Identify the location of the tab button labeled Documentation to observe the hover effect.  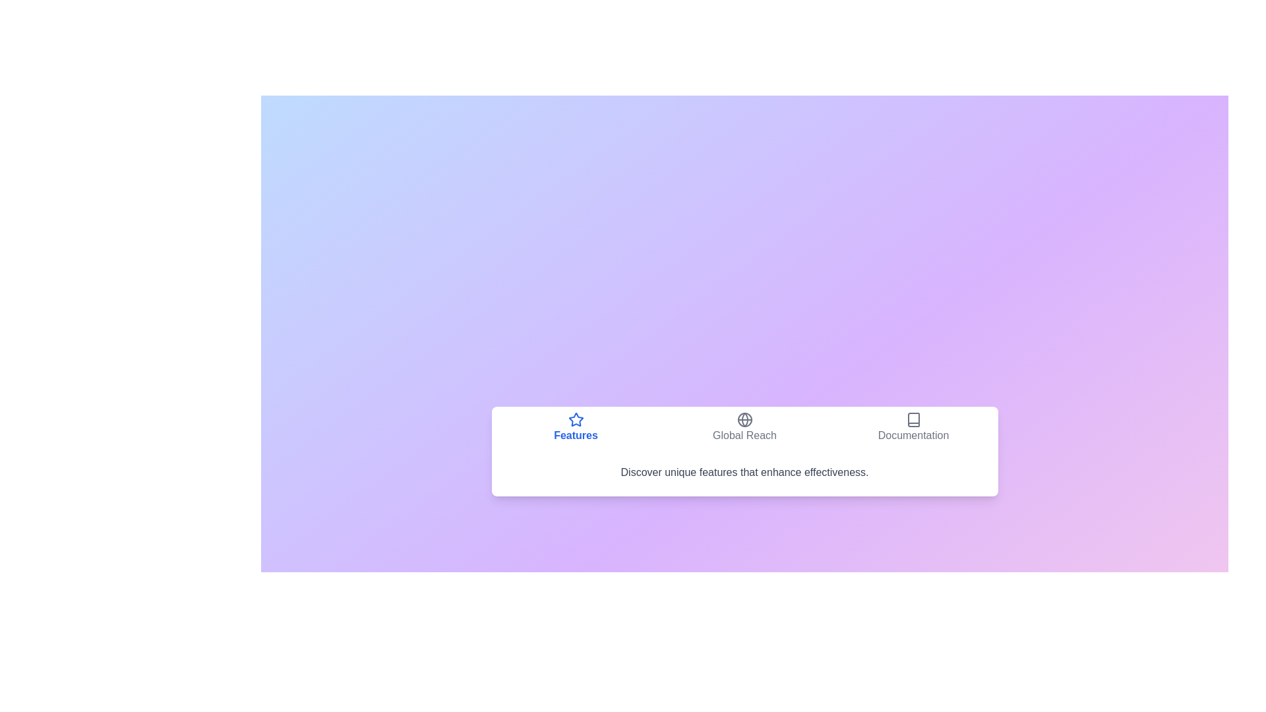
(913, 427).